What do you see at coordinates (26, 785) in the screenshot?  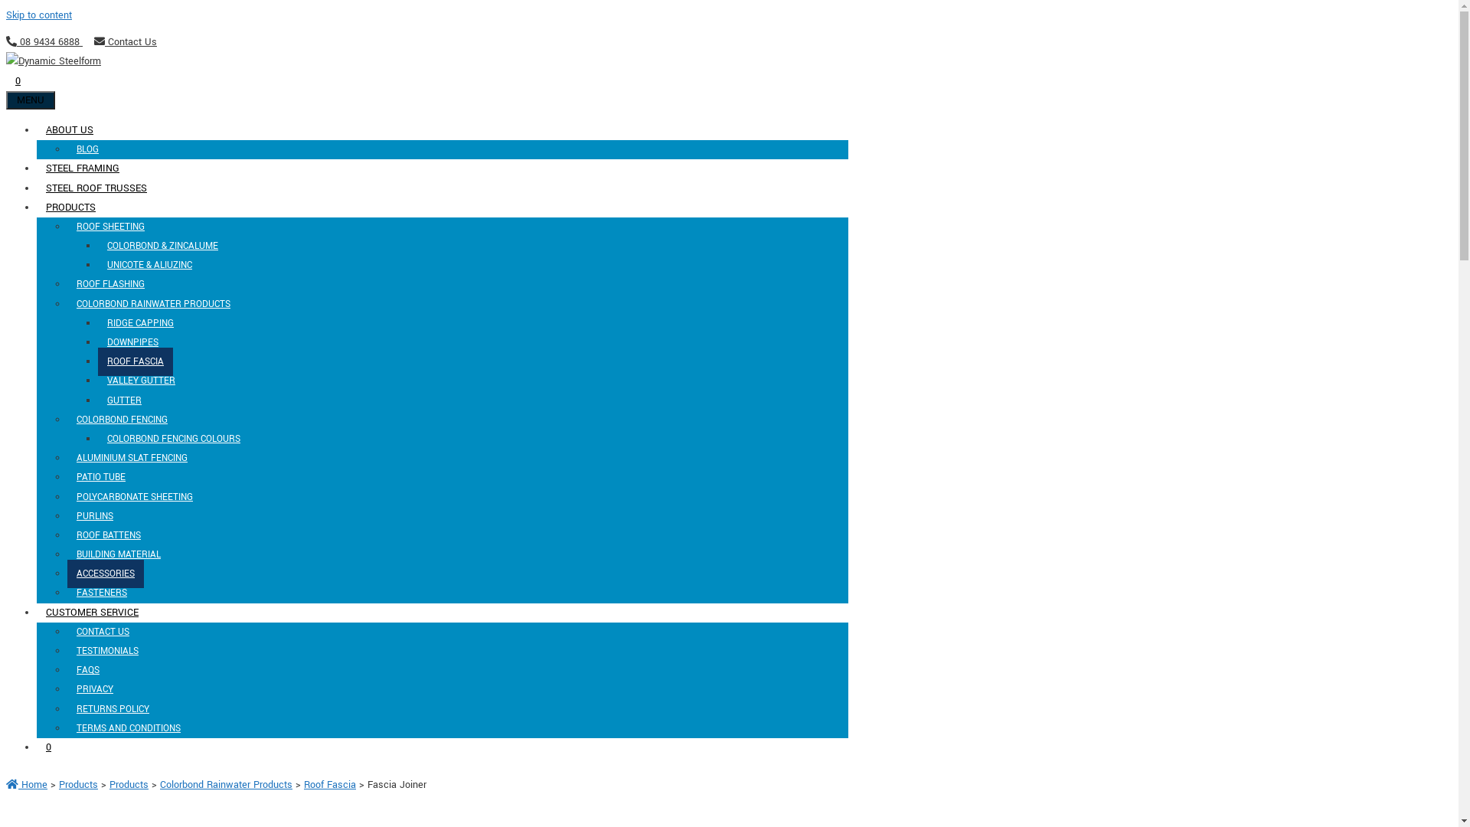 I see `'Home'` at bounding box center [26, 785].